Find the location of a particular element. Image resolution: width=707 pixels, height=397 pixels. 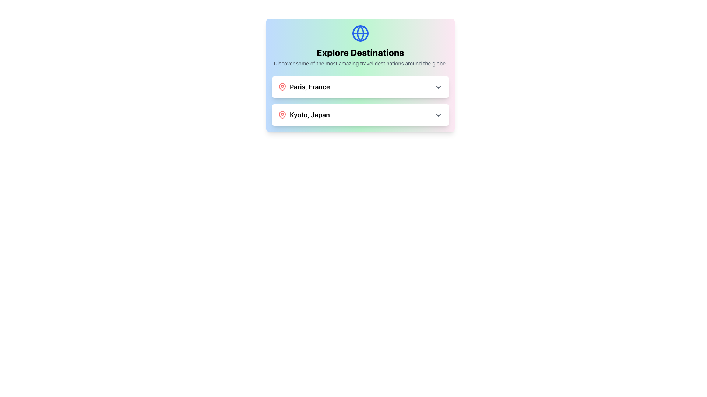

the static text that provides context for the travel destinations section, located directly beneath the 'Explore Destinations' header is located at coordinates (360, 63).